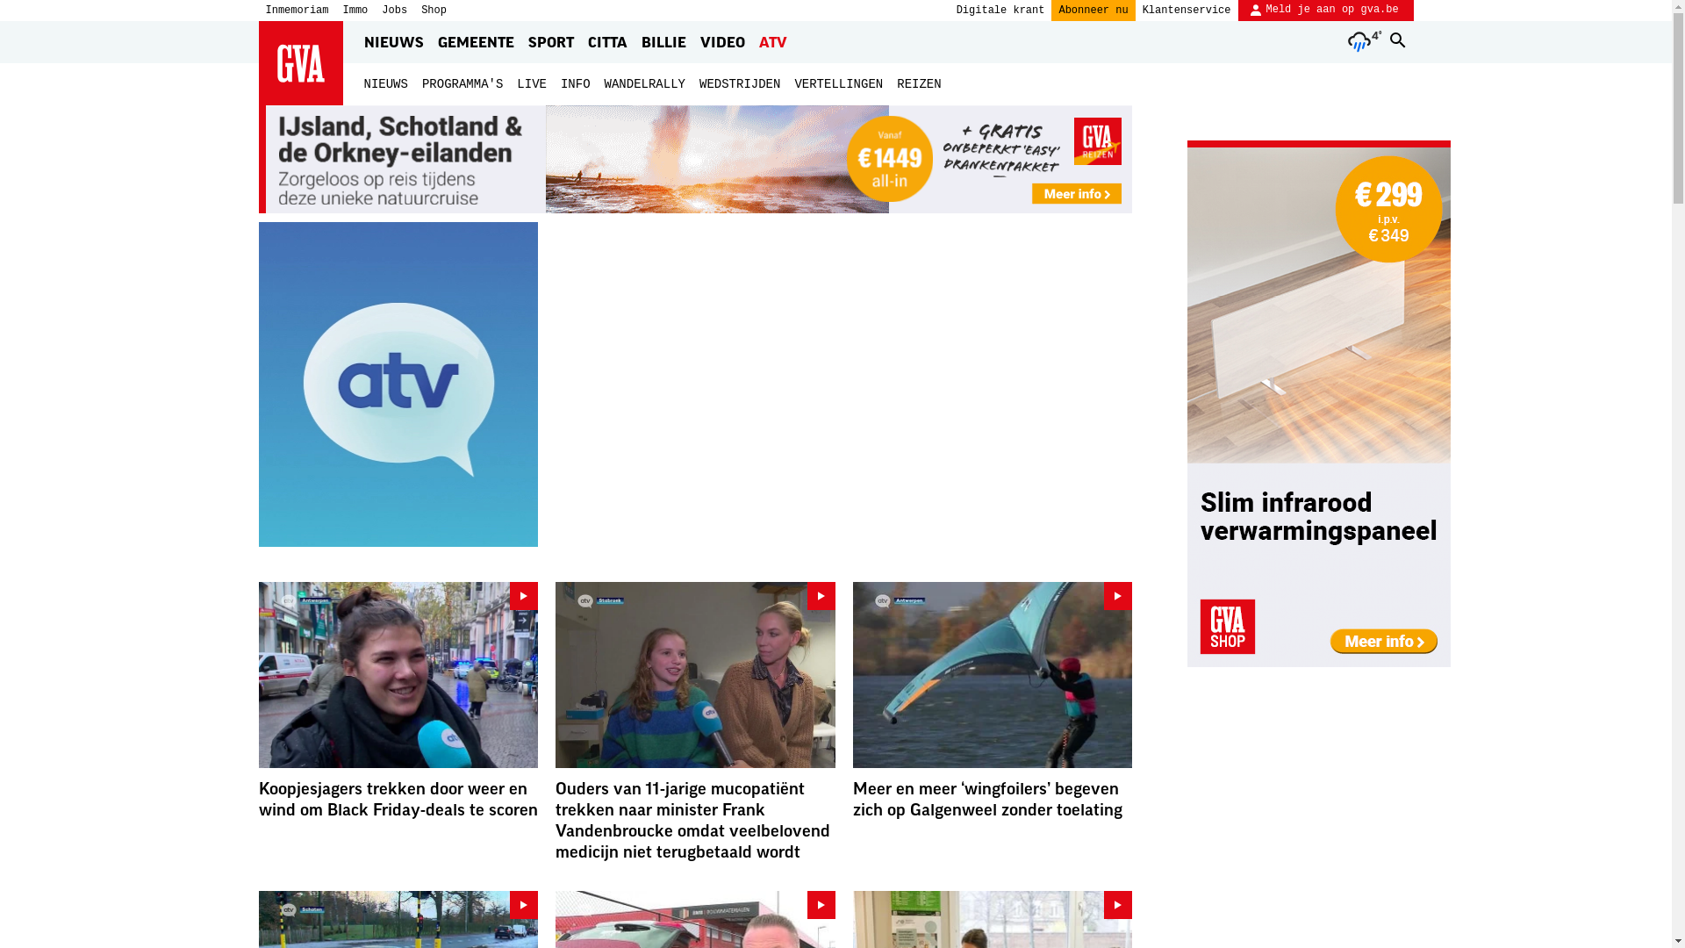  What do you see at coordinates (635, 40) in the screenshot?
I see `'BILLIE'` at bounding box center [635, 40].